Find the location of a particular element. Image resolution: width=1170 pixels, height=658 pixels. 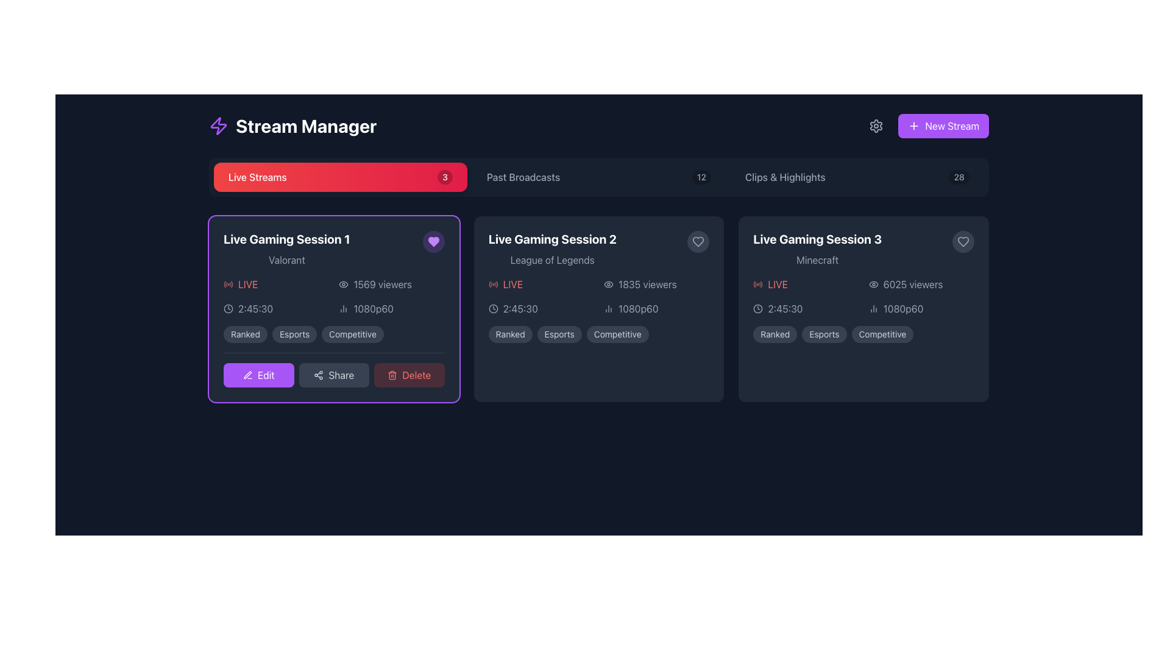

the text label displaying '1835 viewers' in light gray font, which is situated beside the eye-shaped icon in the 'Live Gaming Session 2' section of the second card from the left is located at coordinates (647, 284).